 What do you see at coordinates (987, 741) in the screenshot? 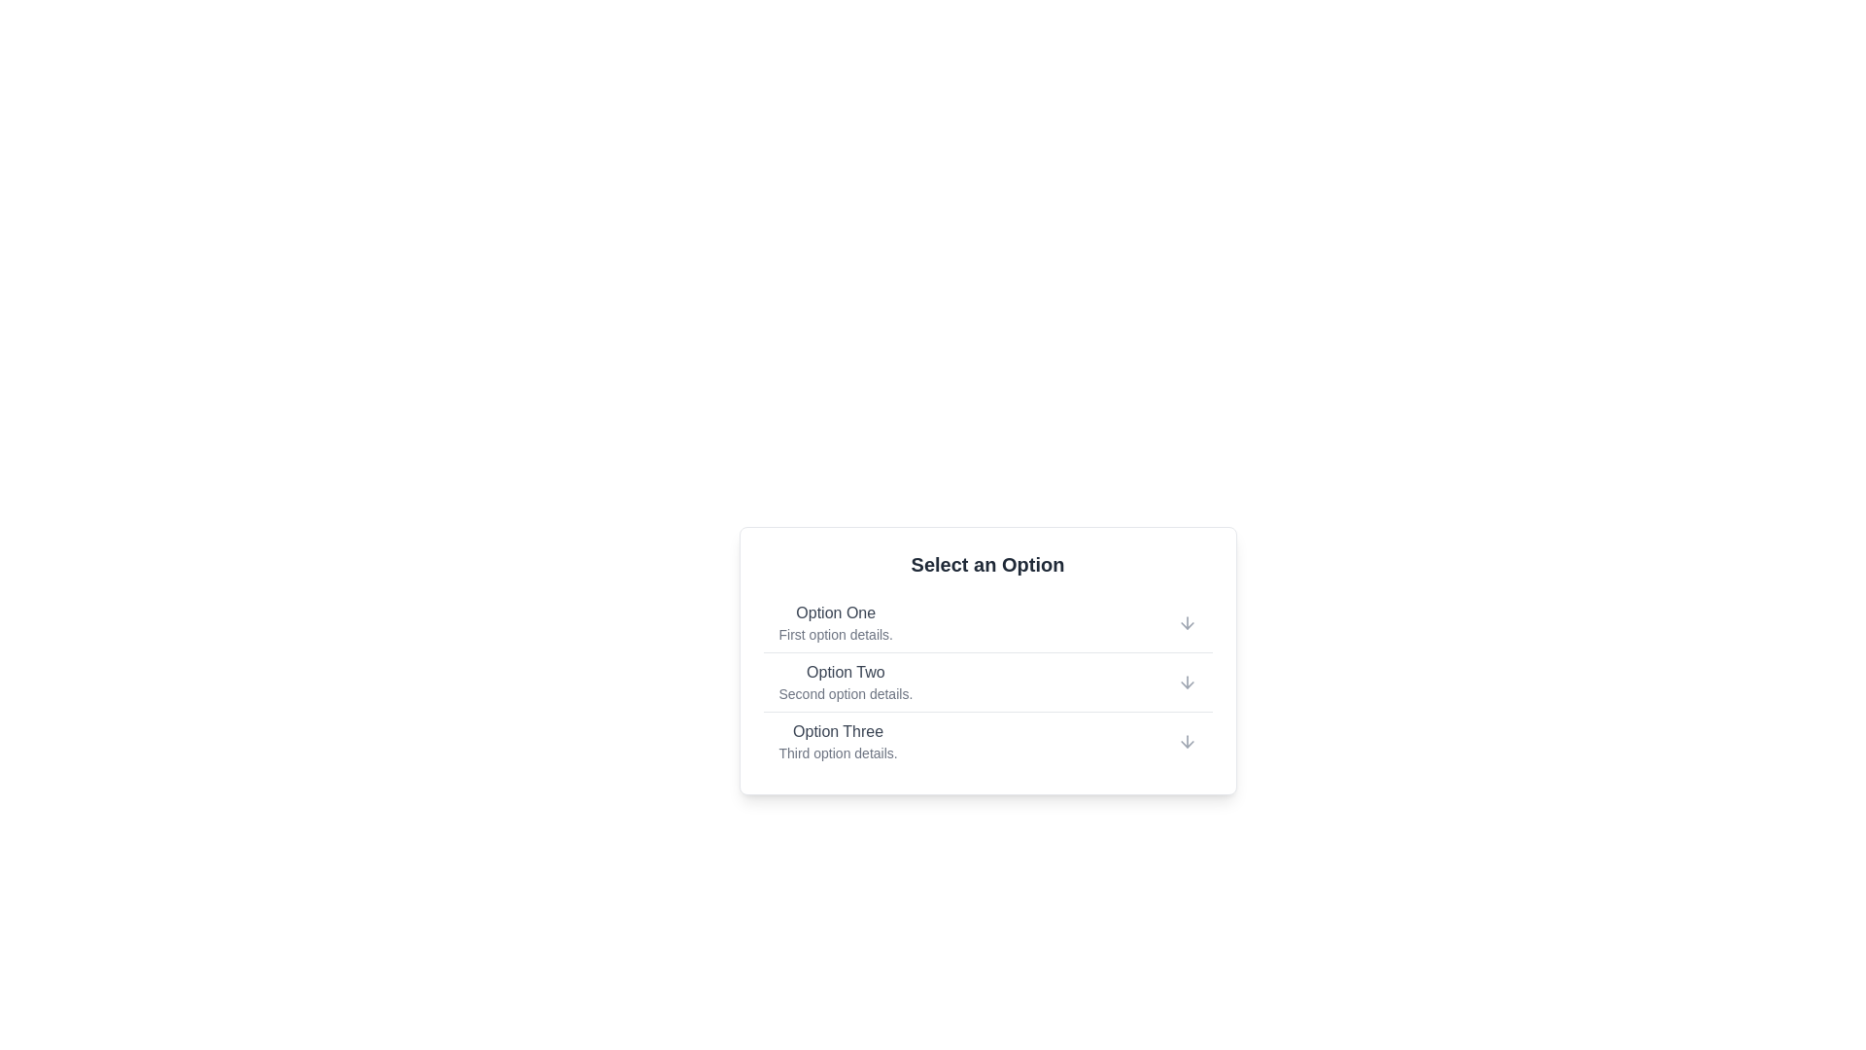
I see `the third item in a vertical selection list` at bounding box center [987, 741].